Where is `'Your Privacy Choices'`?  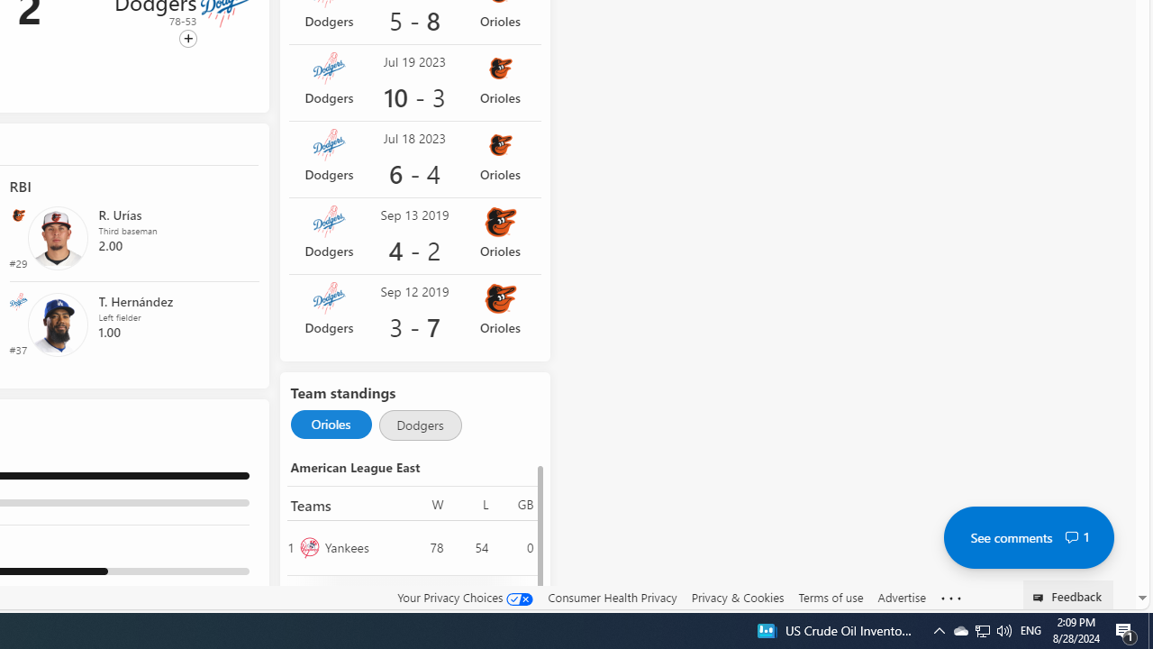 'Your Privacy Choices' is located at coordinates (466, 598).